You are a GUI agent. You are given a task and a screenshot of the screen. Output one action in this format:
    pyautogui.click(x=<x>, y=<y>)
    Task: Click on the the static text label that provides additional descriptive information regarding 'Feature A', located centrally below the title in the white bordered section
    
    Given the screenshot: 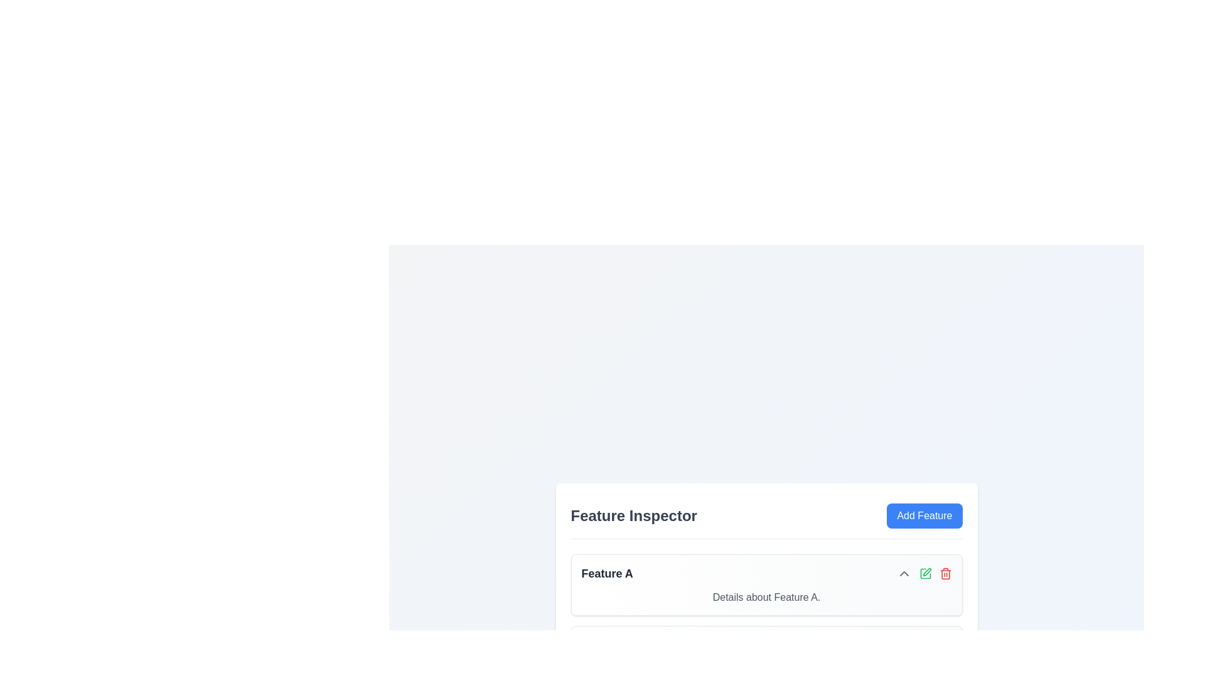 What is the action you would take?
    pyautogui.click(x=766, y=596)
    